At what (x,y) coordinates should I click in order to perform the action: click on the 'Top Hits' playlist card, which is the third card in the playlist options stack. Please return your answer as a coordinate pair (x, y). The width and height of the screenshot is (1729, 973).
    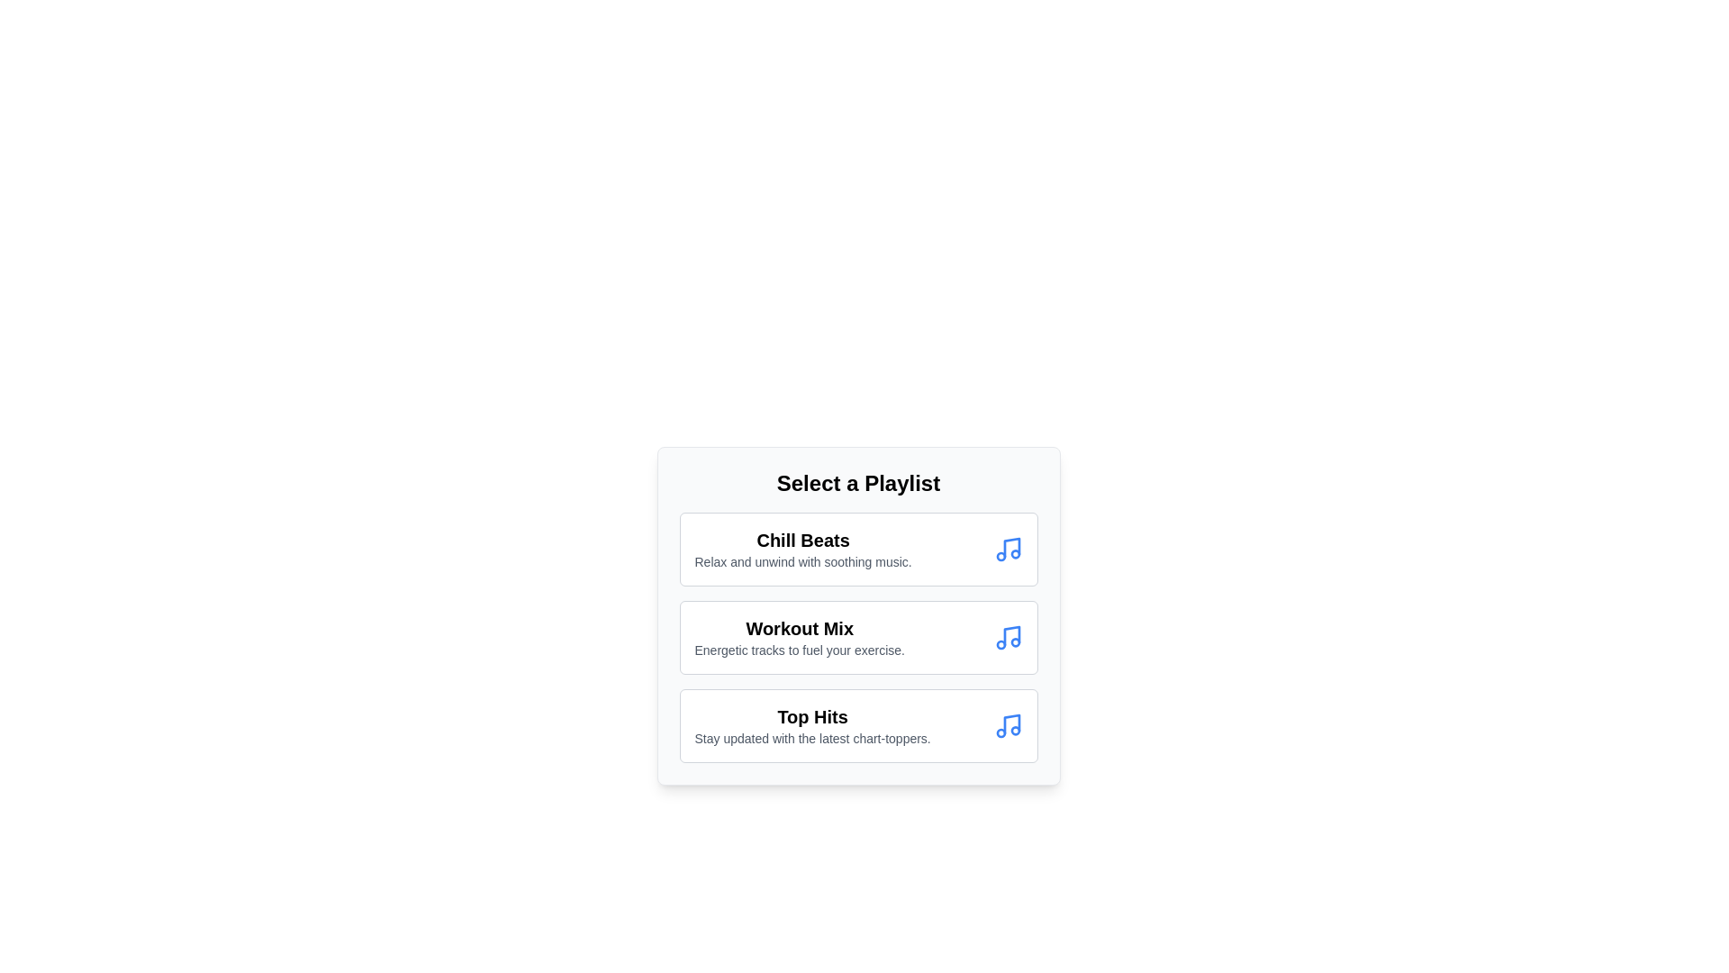
    Looking at the image, I should click on (857, 725).